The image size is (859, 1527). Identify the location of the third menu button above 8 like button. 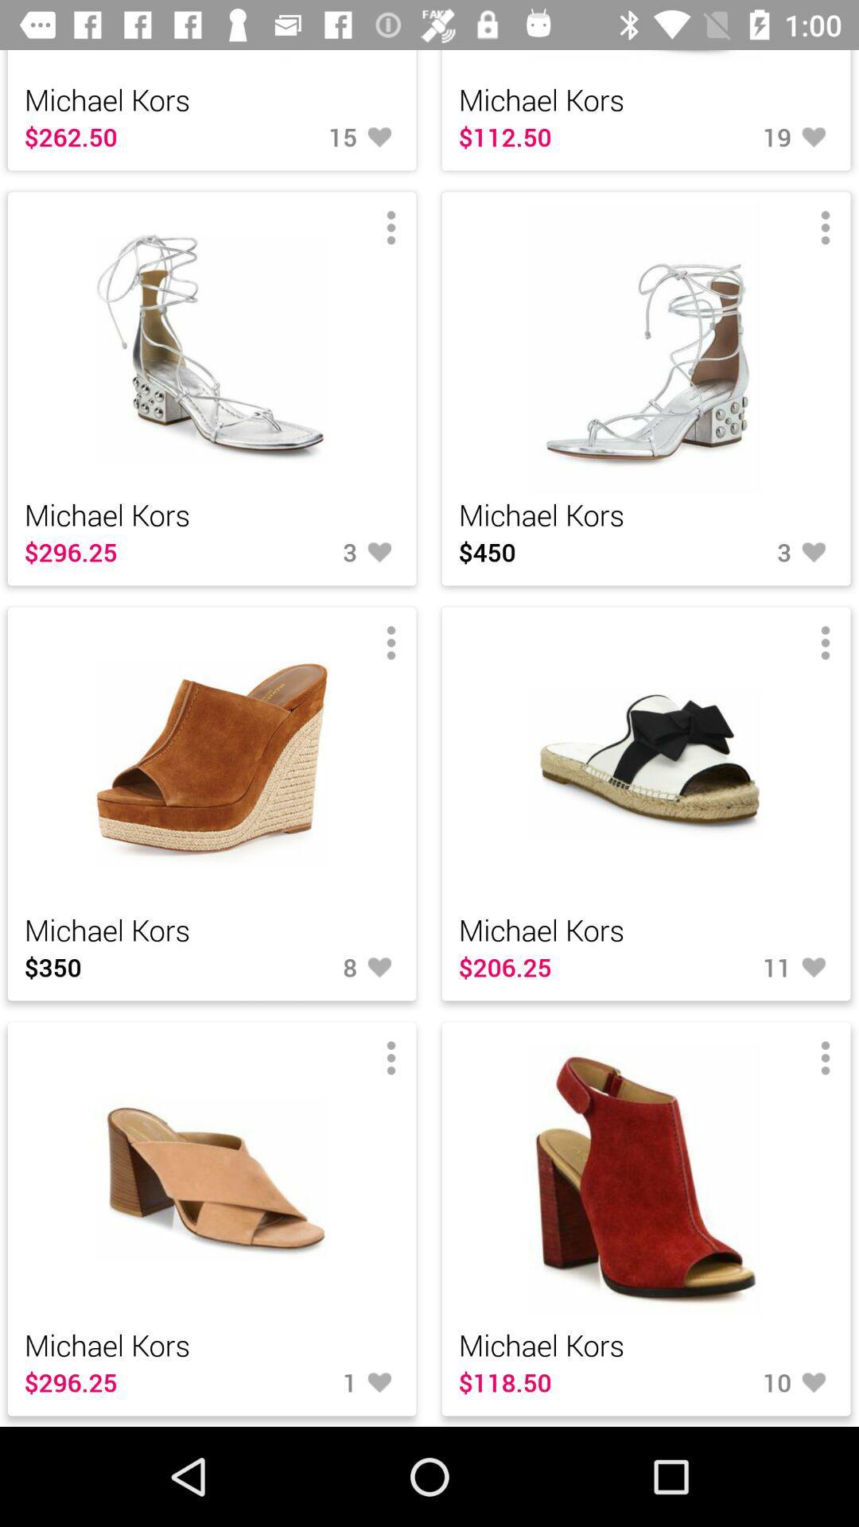
(391, 643).